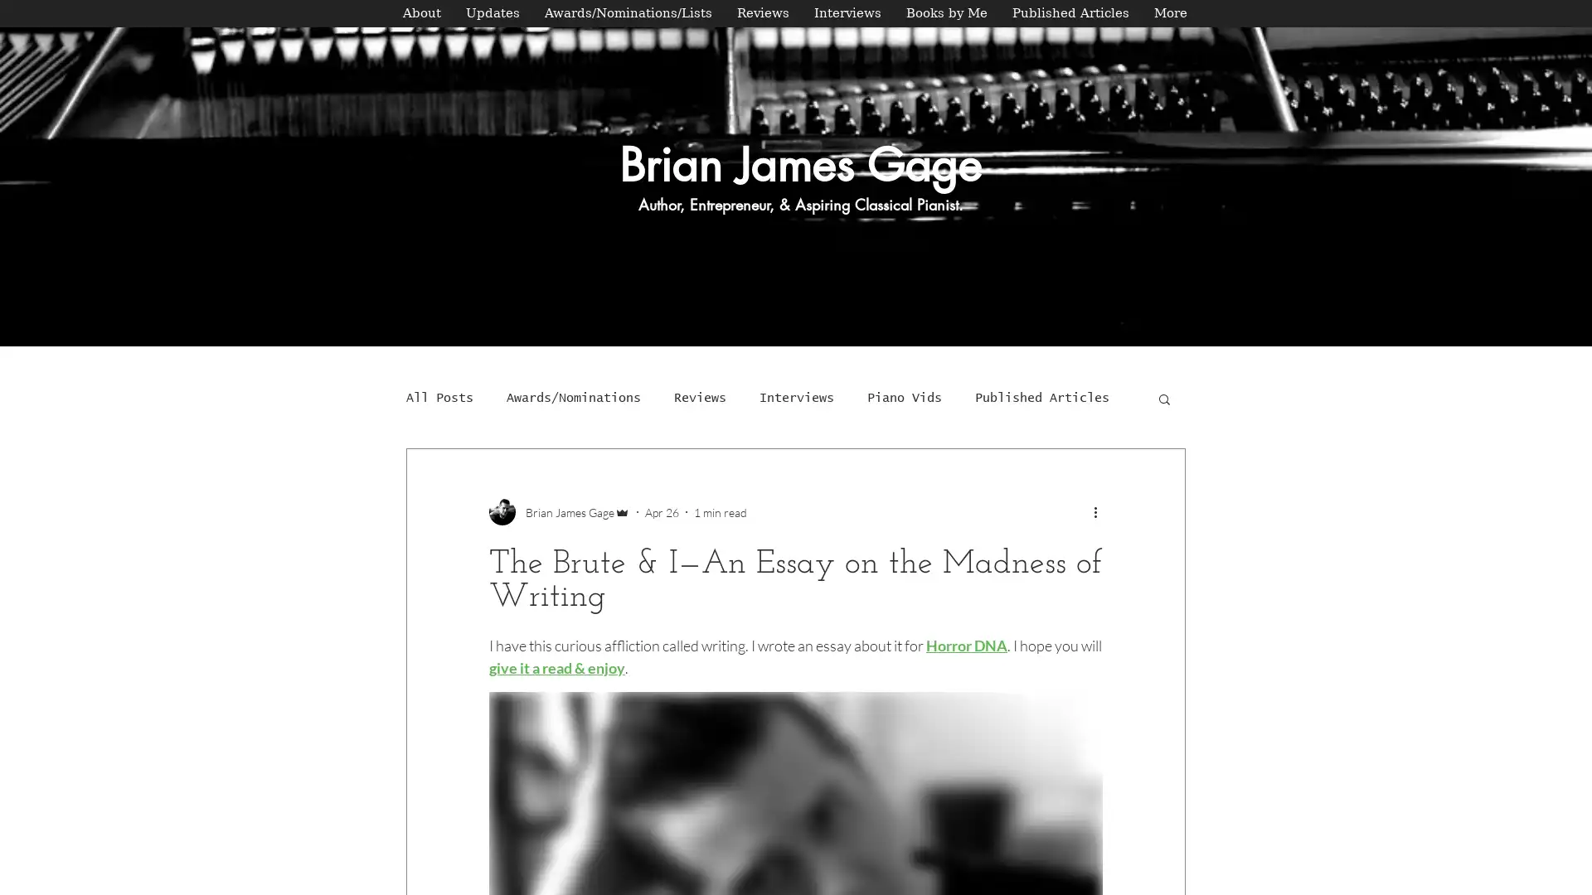  What do you see at coordinates (573, 399) in the screenshot?
I see `Awards/Nominations` at bounding box center [573, 399].